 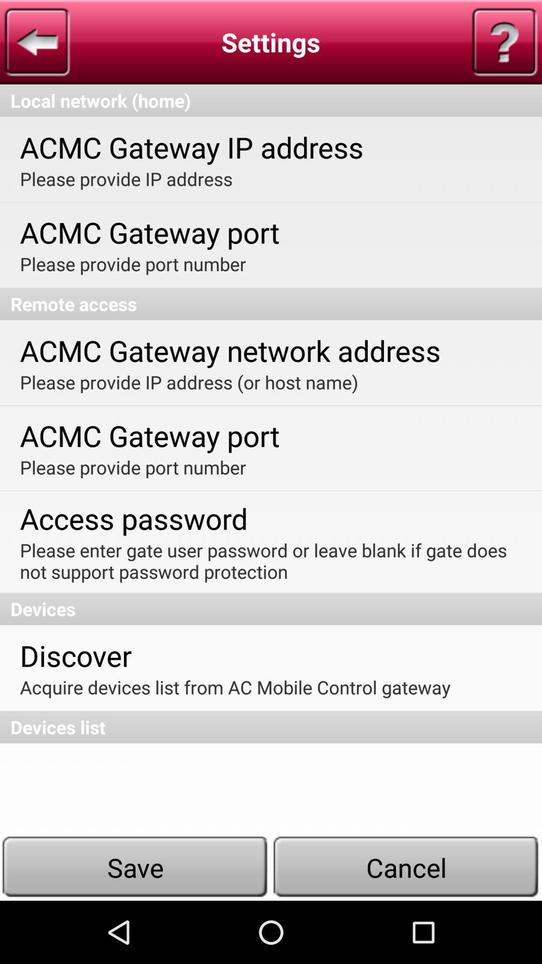 I want to click on click help button, so click(x=504, y=41).